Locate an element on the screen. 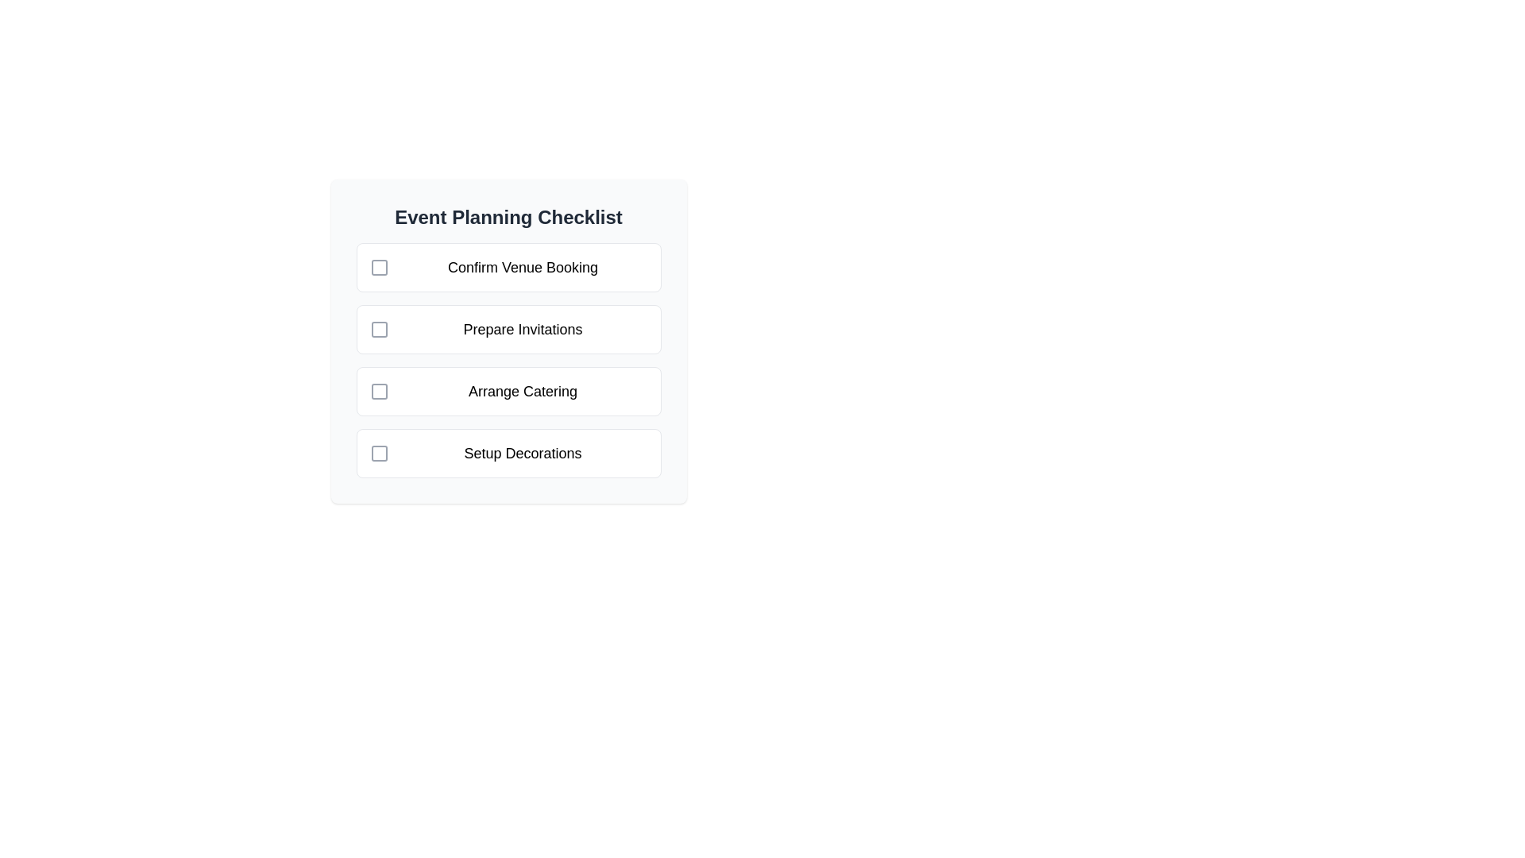 The width and height of the screenshot is (1525, 858). the checkbox for the 'Setup Decorations' task is located at coordinates (378, 453).